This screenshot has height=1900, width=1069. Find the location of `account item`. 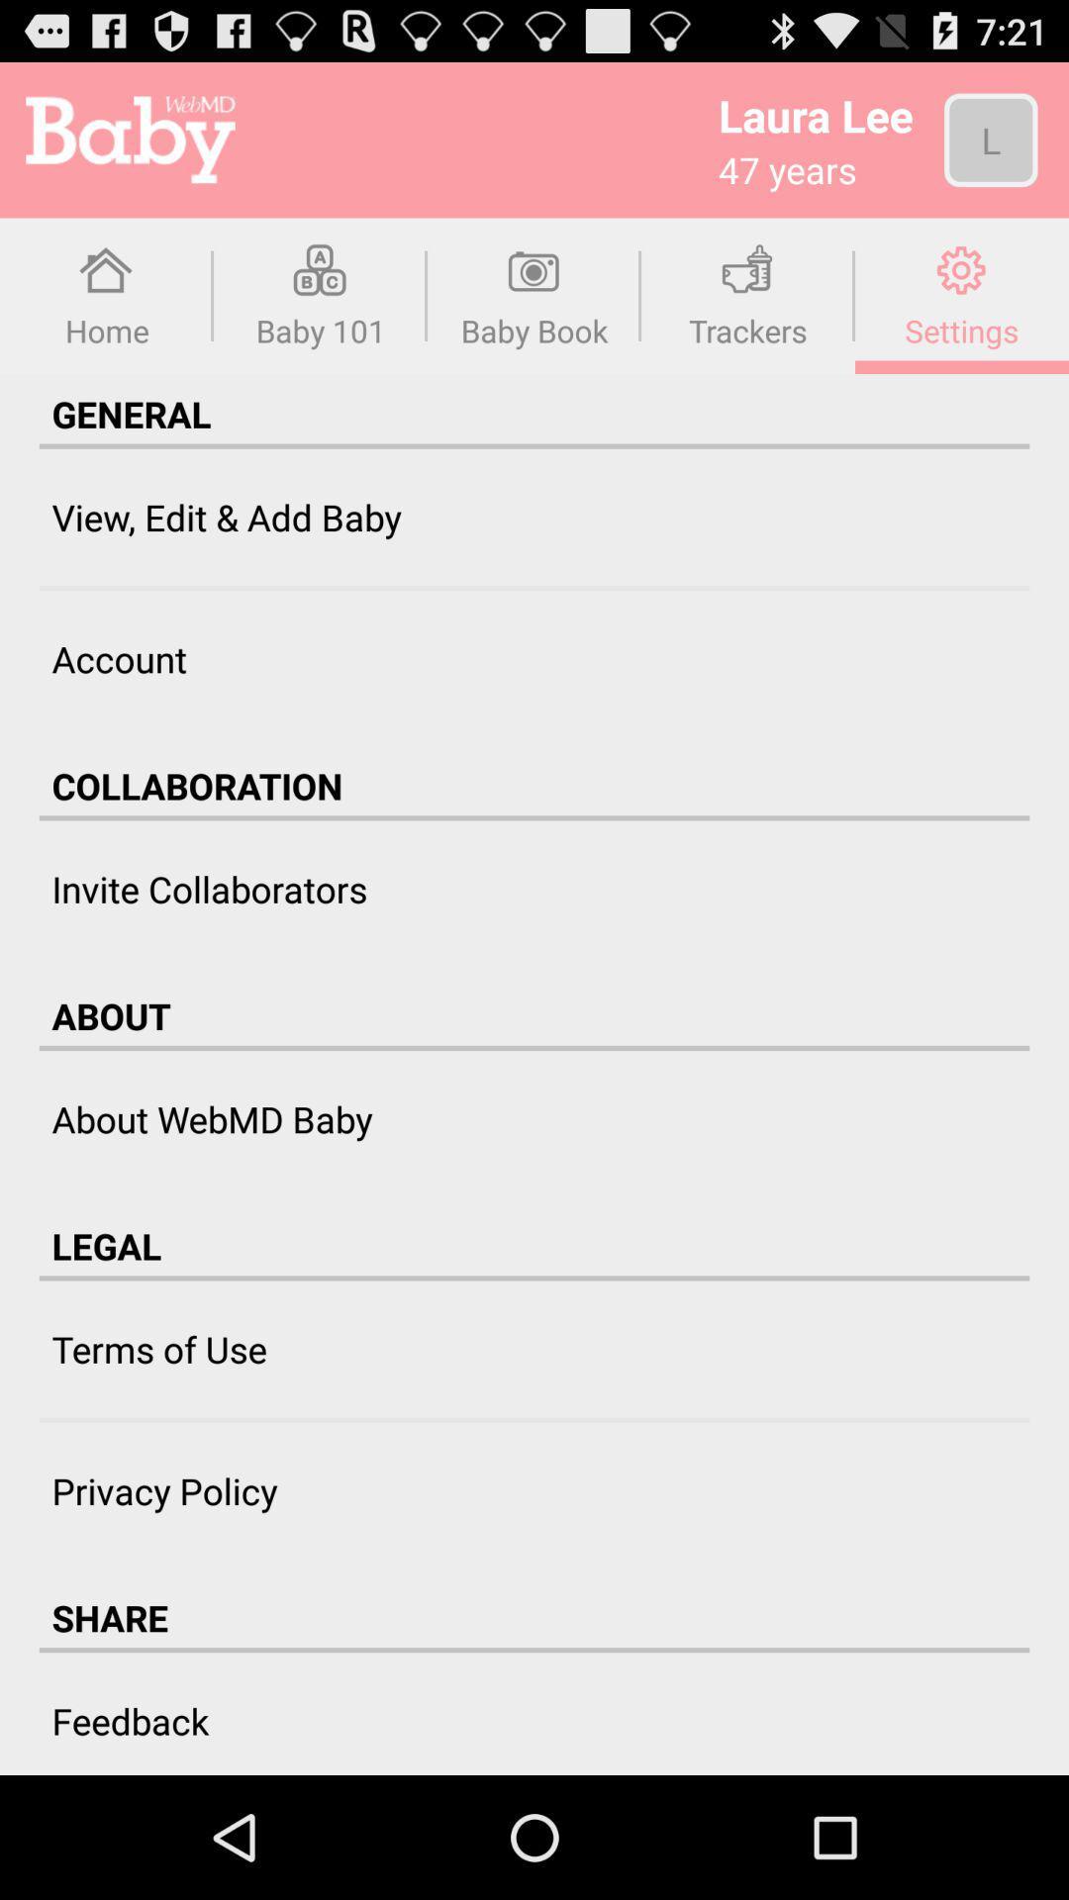

account item is located at coordinates (119, 659).